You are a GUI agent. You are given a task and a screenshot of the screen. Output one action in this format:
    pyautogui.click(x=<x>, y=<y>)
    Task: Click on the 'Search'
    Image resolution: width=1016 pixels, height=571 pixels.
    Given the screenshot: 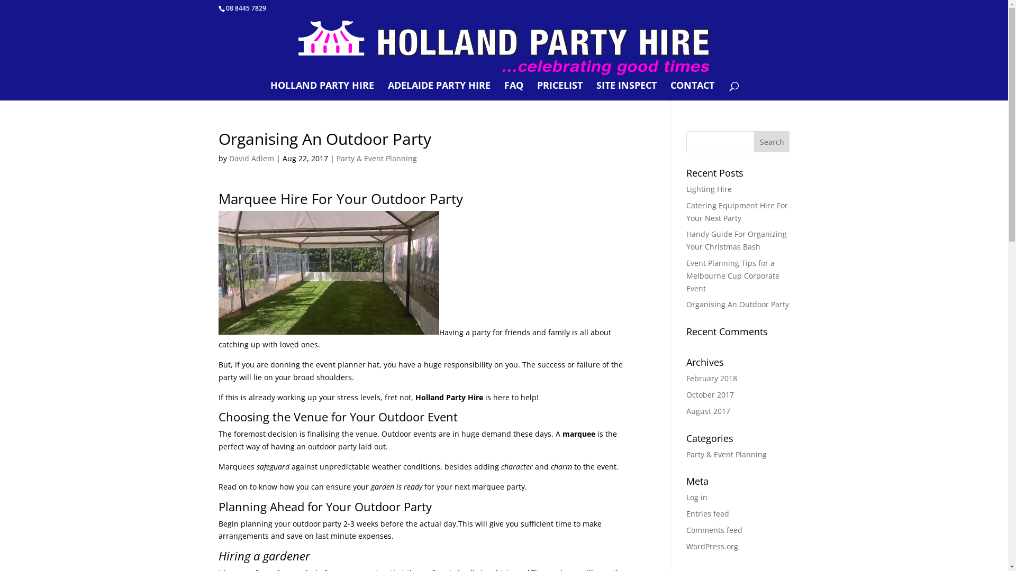 What is the action you would take?
    pyautogui.click(x=754, y=141)
    